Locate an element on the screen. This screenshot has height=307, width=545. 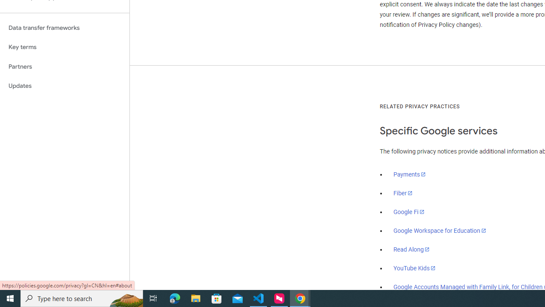
'Read Along' is located at coordinates (412, 249).